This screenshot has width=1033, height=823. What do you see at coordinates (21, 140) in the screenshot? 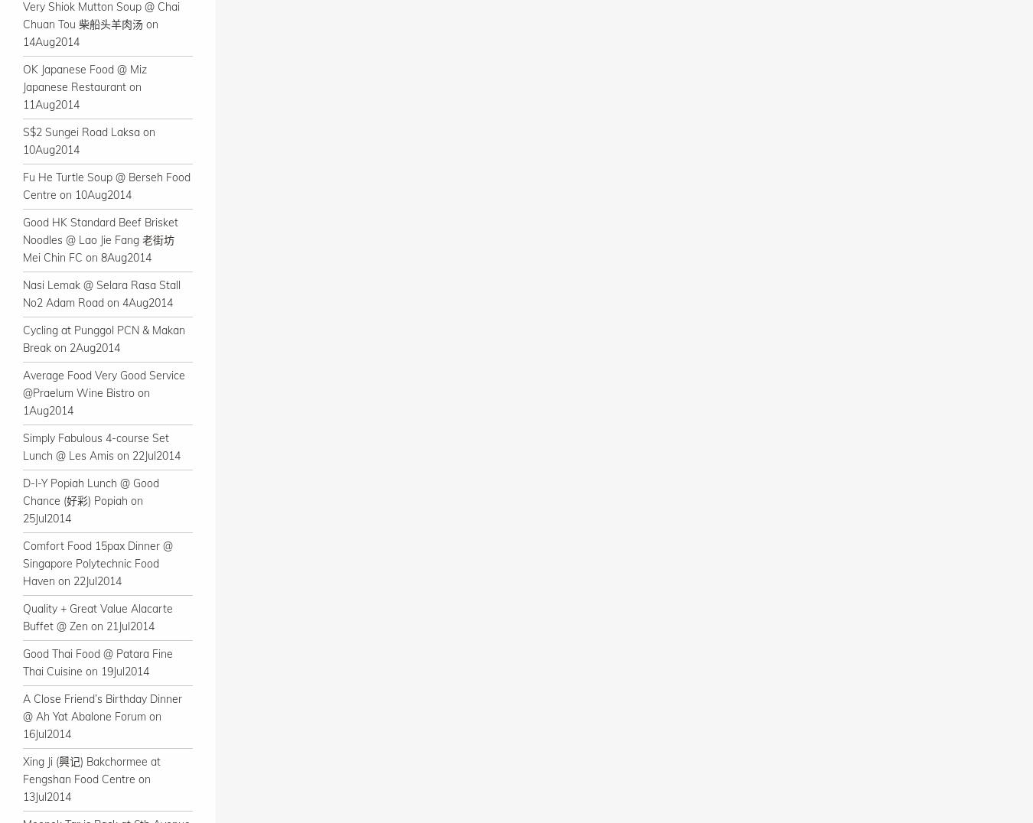
I see `'S$2 Sungei Road Laksa on 10Aug2014'` at bounding box center [21, 140].